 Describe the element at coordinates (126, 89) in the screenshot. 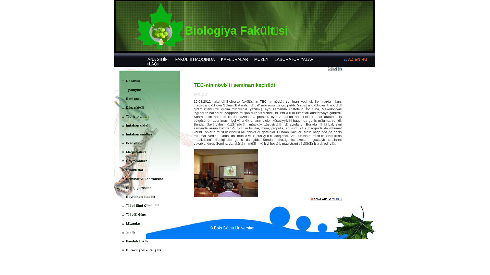

I see `'Tyutoylar'` at that location.